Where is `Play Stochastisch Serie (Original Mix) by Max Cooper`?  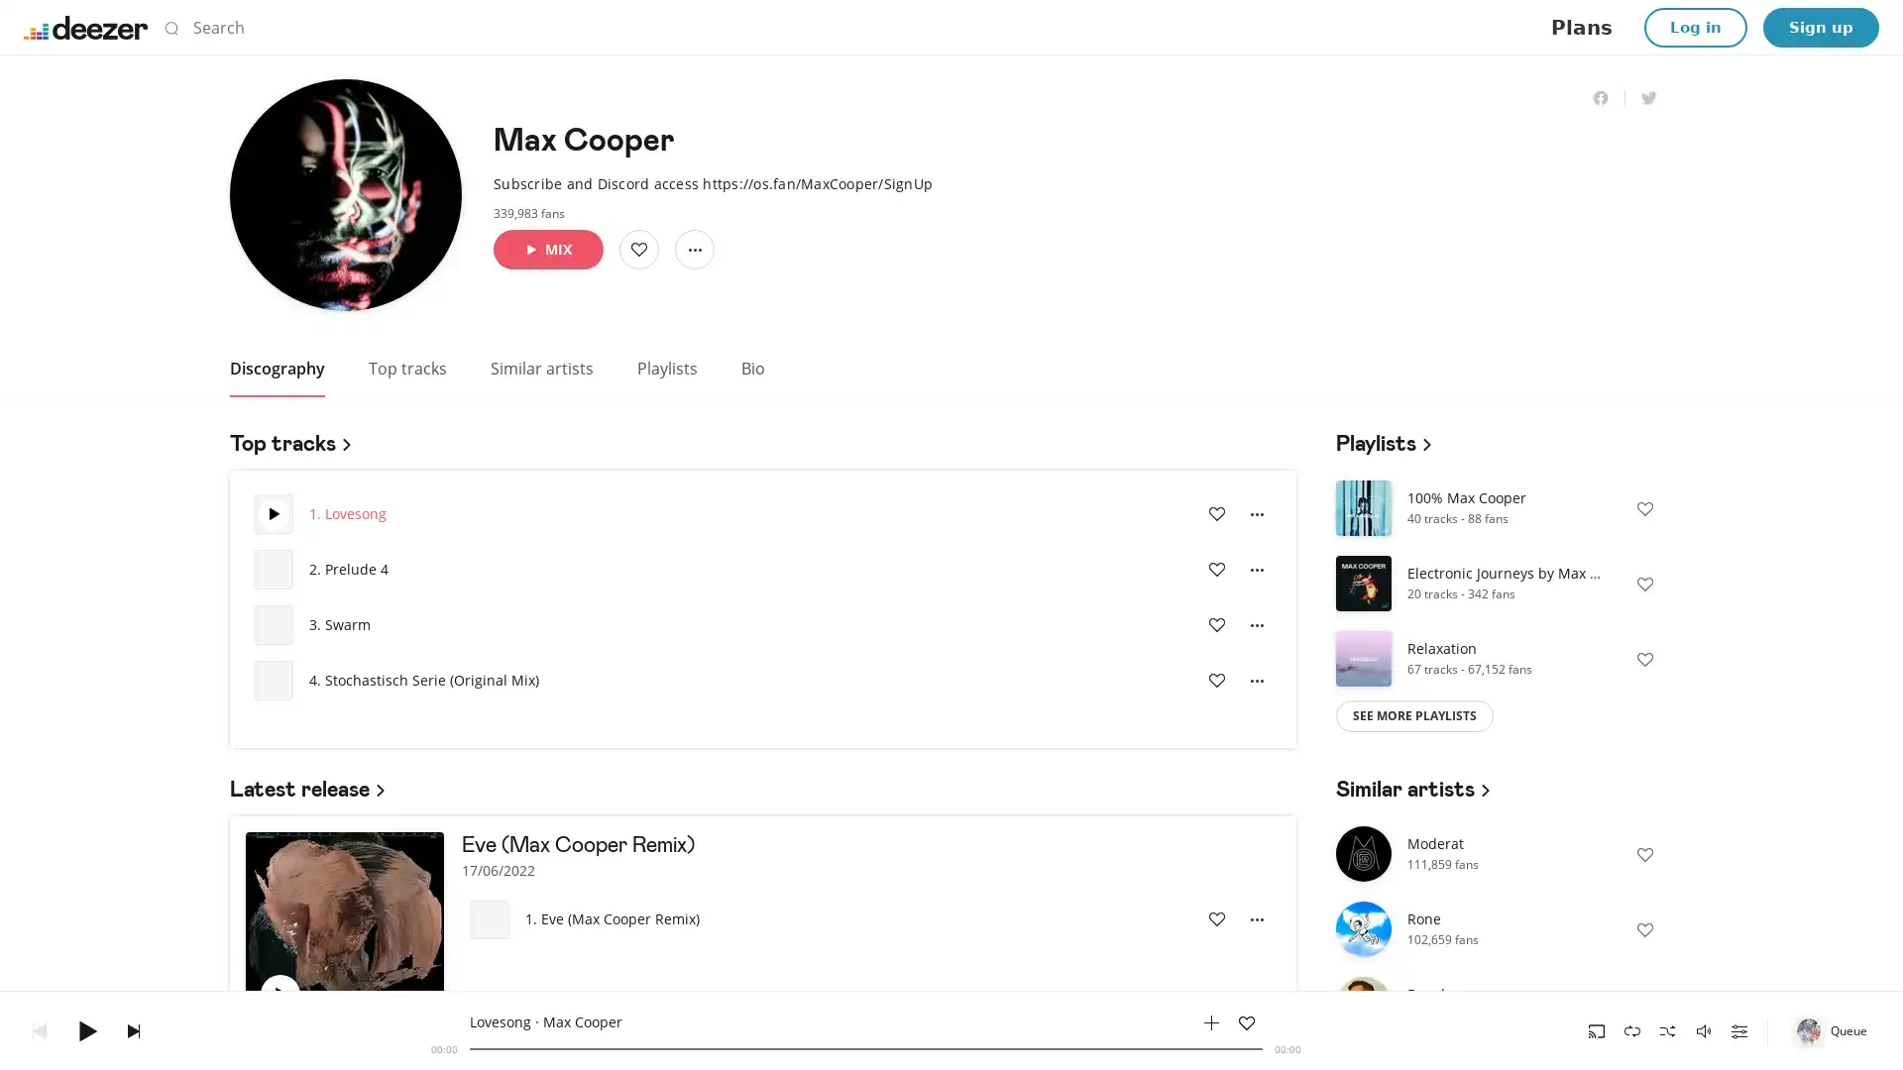 Play Stochastisch Serie (Original Mix) by Max Cooper is located at coordinates (272, 679).